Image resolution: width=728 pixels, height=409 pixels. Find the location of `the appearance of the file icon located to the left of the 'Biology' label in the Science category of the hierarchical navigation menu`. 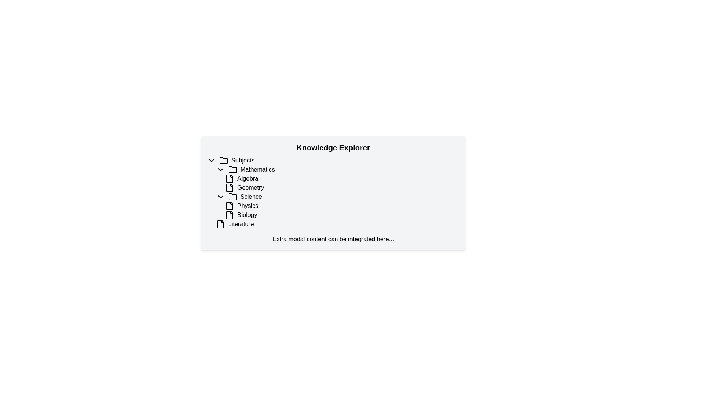

the appearance of the file icon located to the left of the 'Biology' label in the Science category of the hierarchical navigation menu is located at coordinates (229, 215).